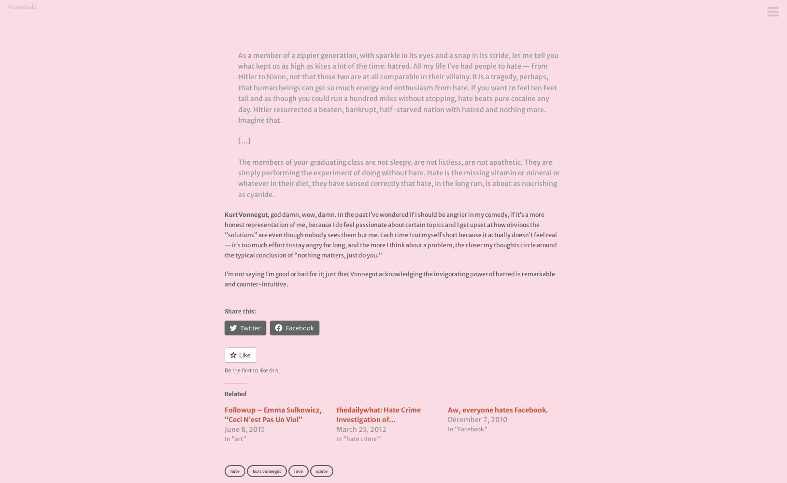  What do you see at coordinates (235, 393) in the screenshot?
I see `'Related'` at bounding box center [235, 393].